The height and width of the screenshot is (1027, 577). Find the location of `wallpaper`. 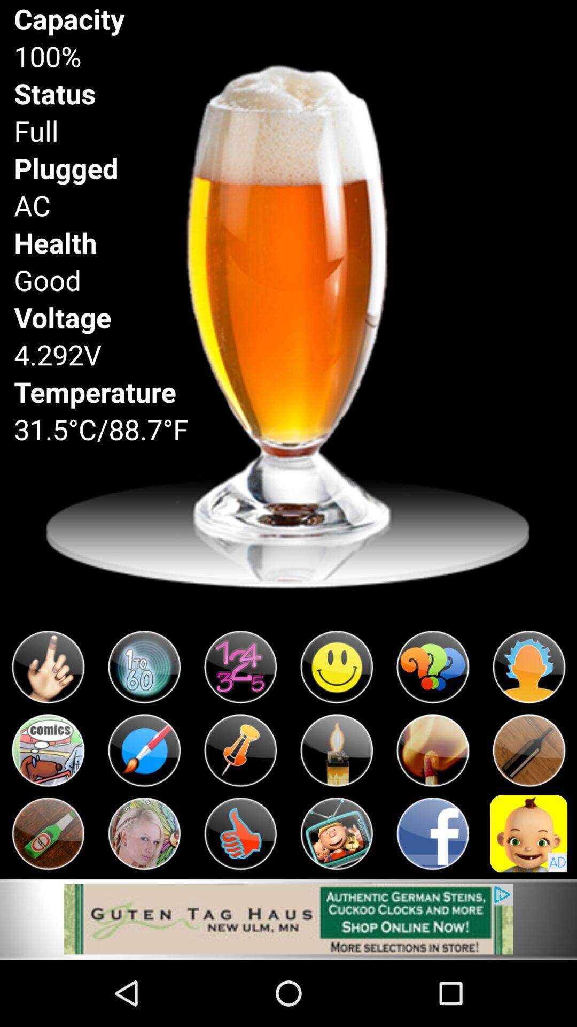

wallpaper is located at coordinates (288, 918).